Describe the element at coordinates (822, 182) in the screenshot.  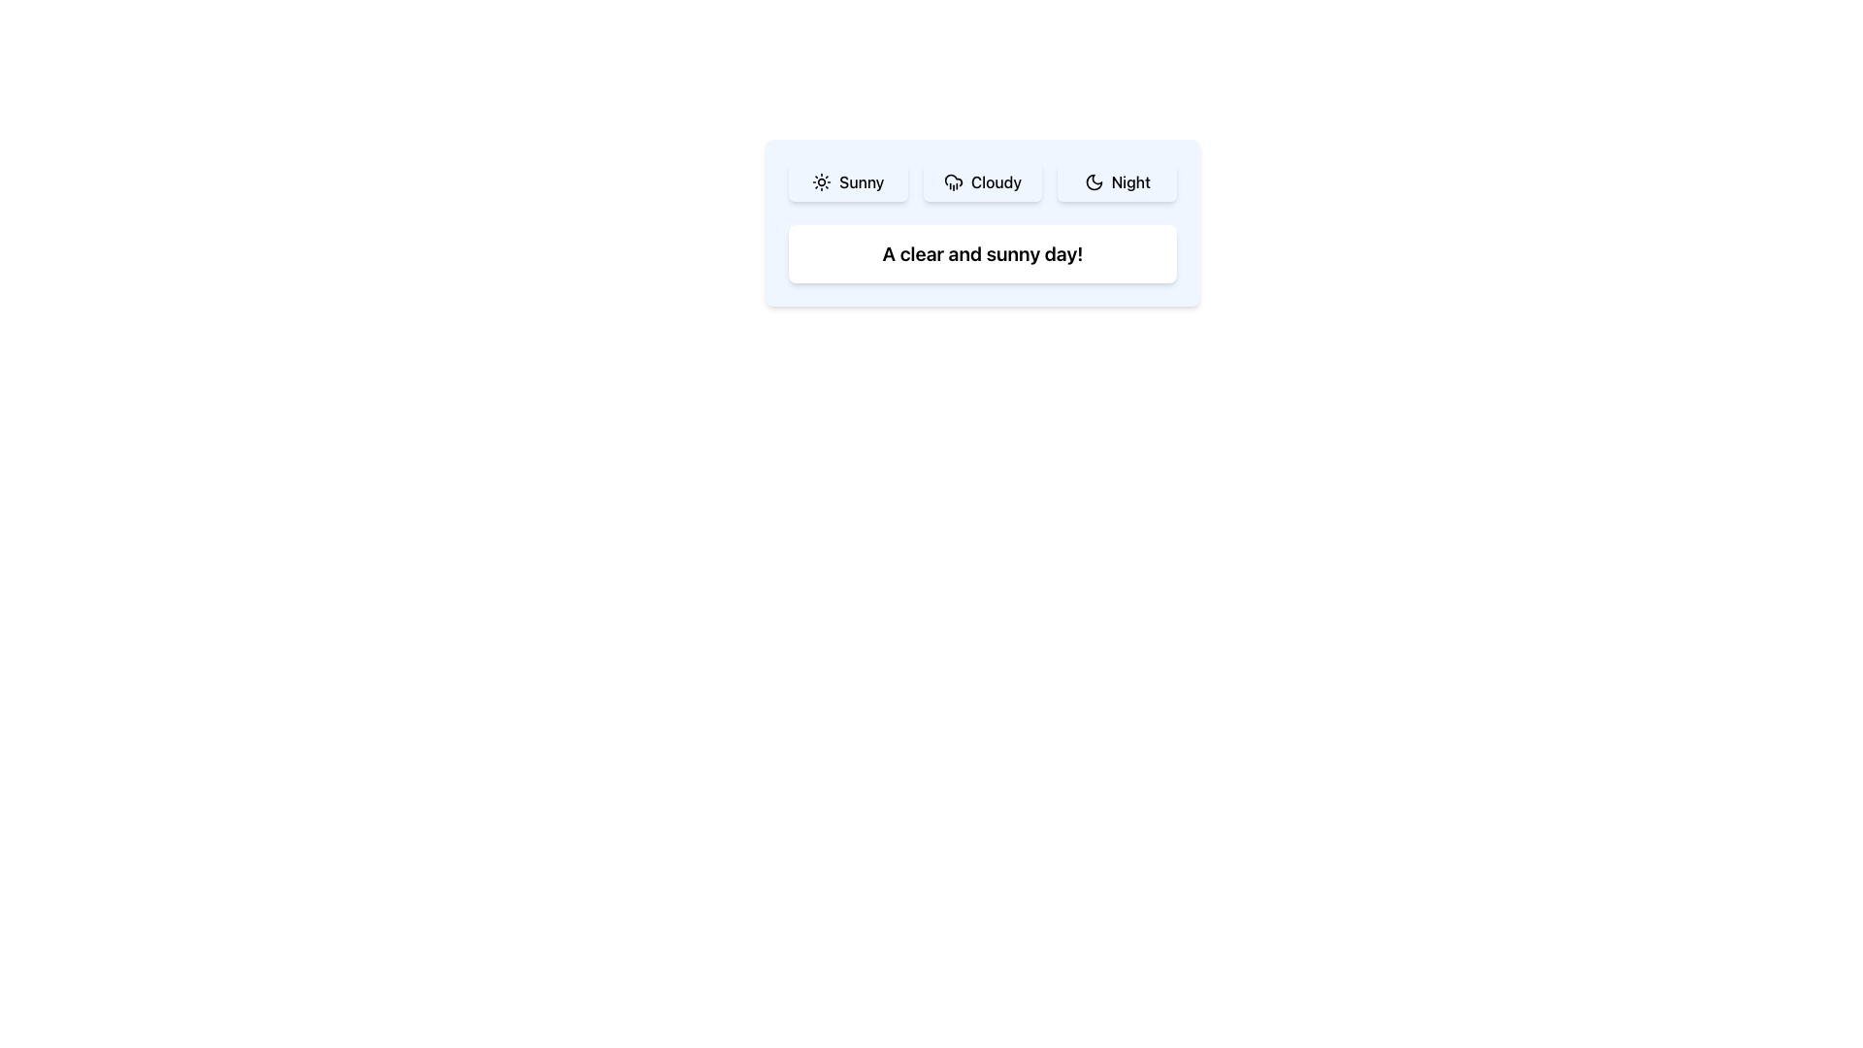
I see `the sun icon located within the first button of the horizontal list, which is labeled 'Sunny'. This icon features a circular center with radial lines representing sunlight, and is visually aligned to the left of the 'Sunny' text` at that location.